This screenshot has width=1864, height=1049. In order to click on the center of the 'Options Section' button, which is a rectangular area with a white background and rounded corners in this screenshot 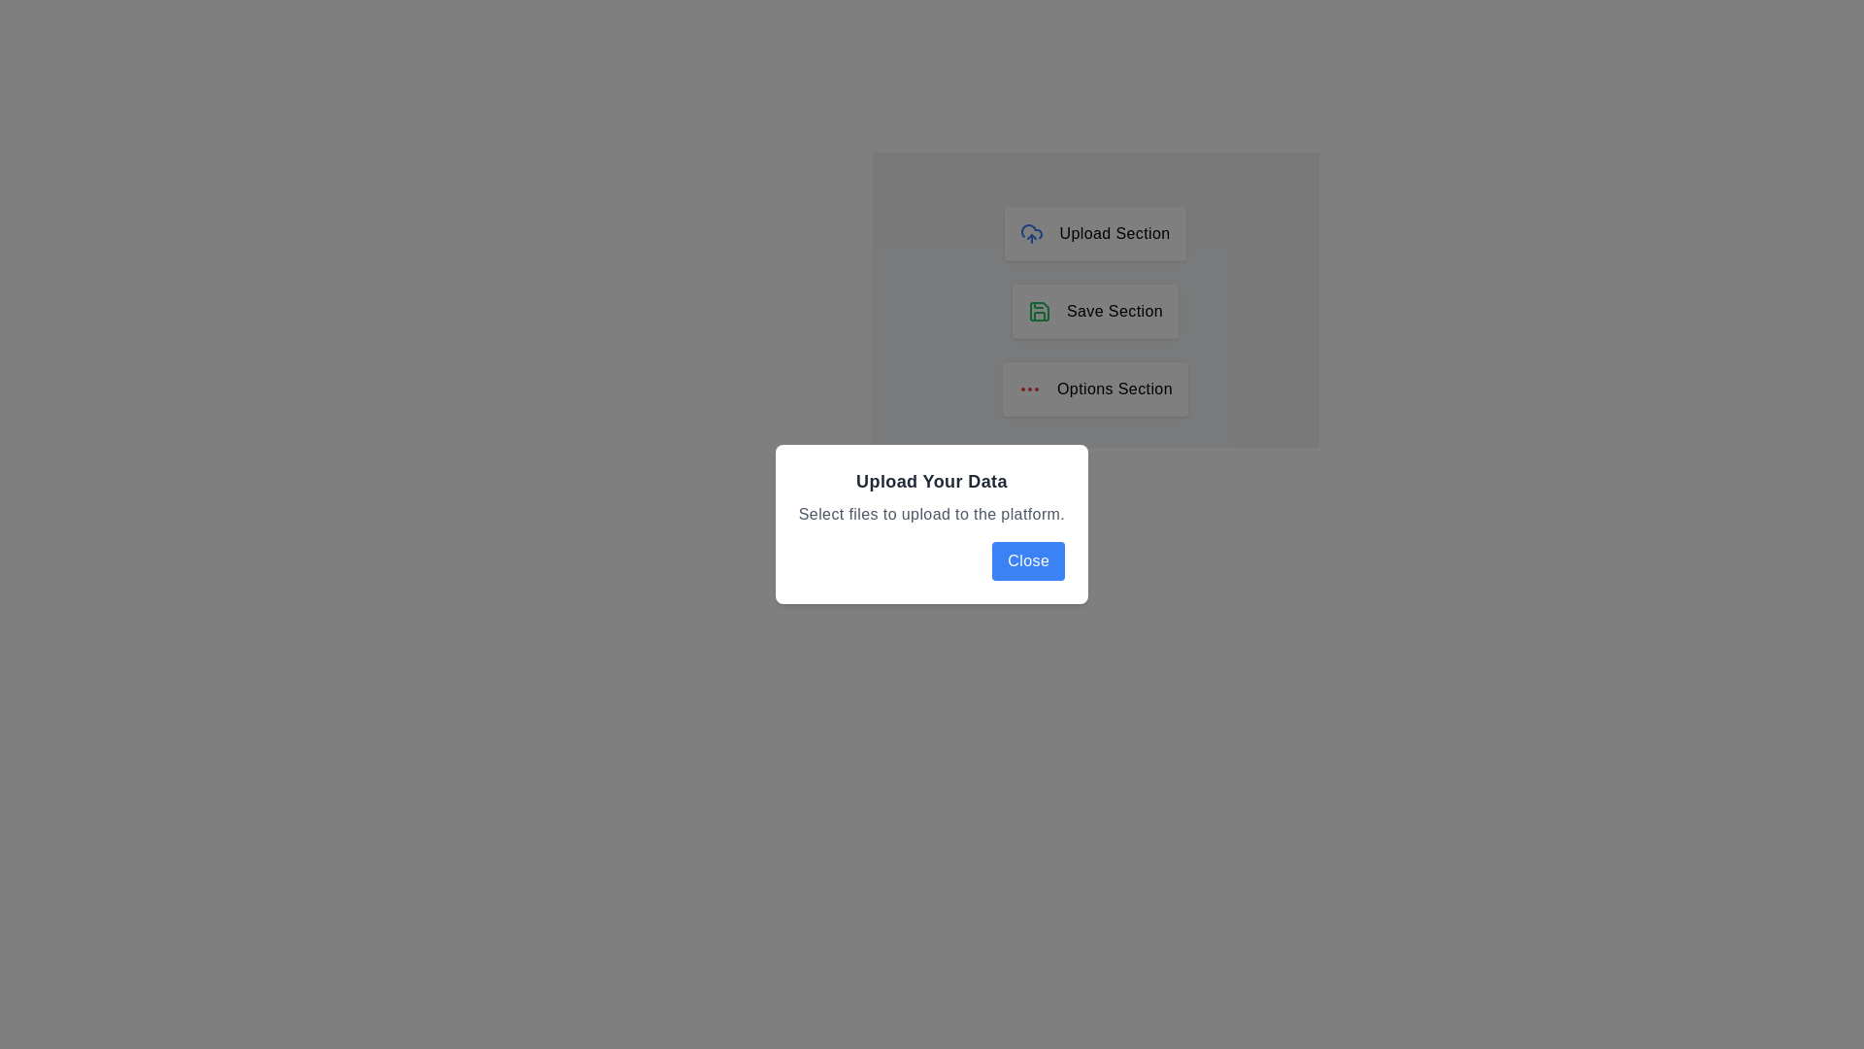, I will do `click(1095, 389)`.